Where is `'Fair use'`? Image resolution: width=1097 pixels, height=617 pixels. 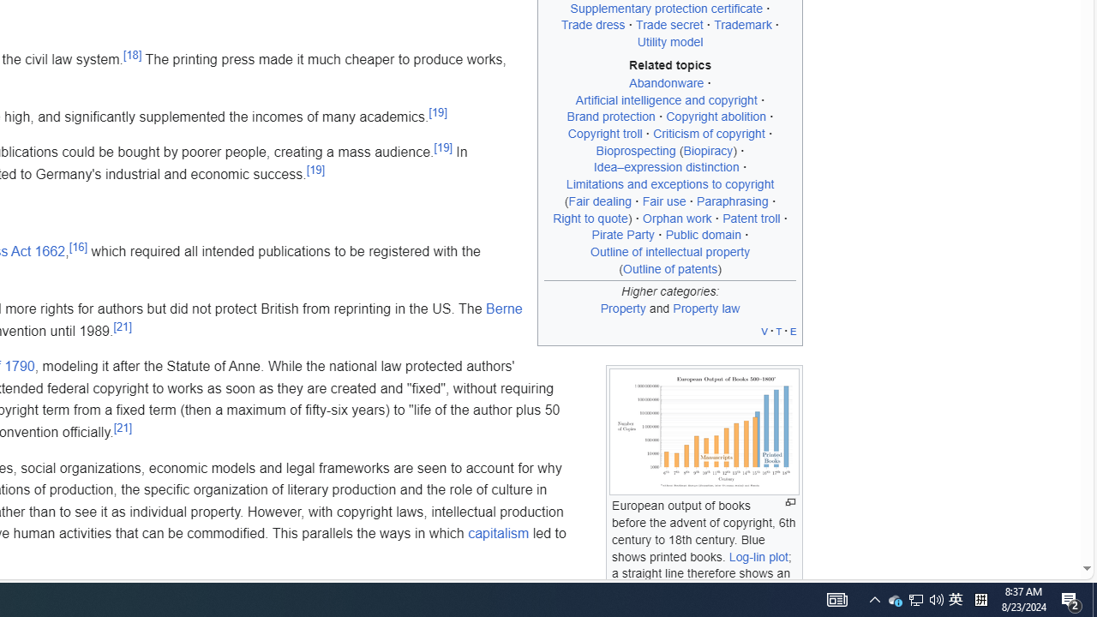 'Fair use' is located at coordinates (663, 200).